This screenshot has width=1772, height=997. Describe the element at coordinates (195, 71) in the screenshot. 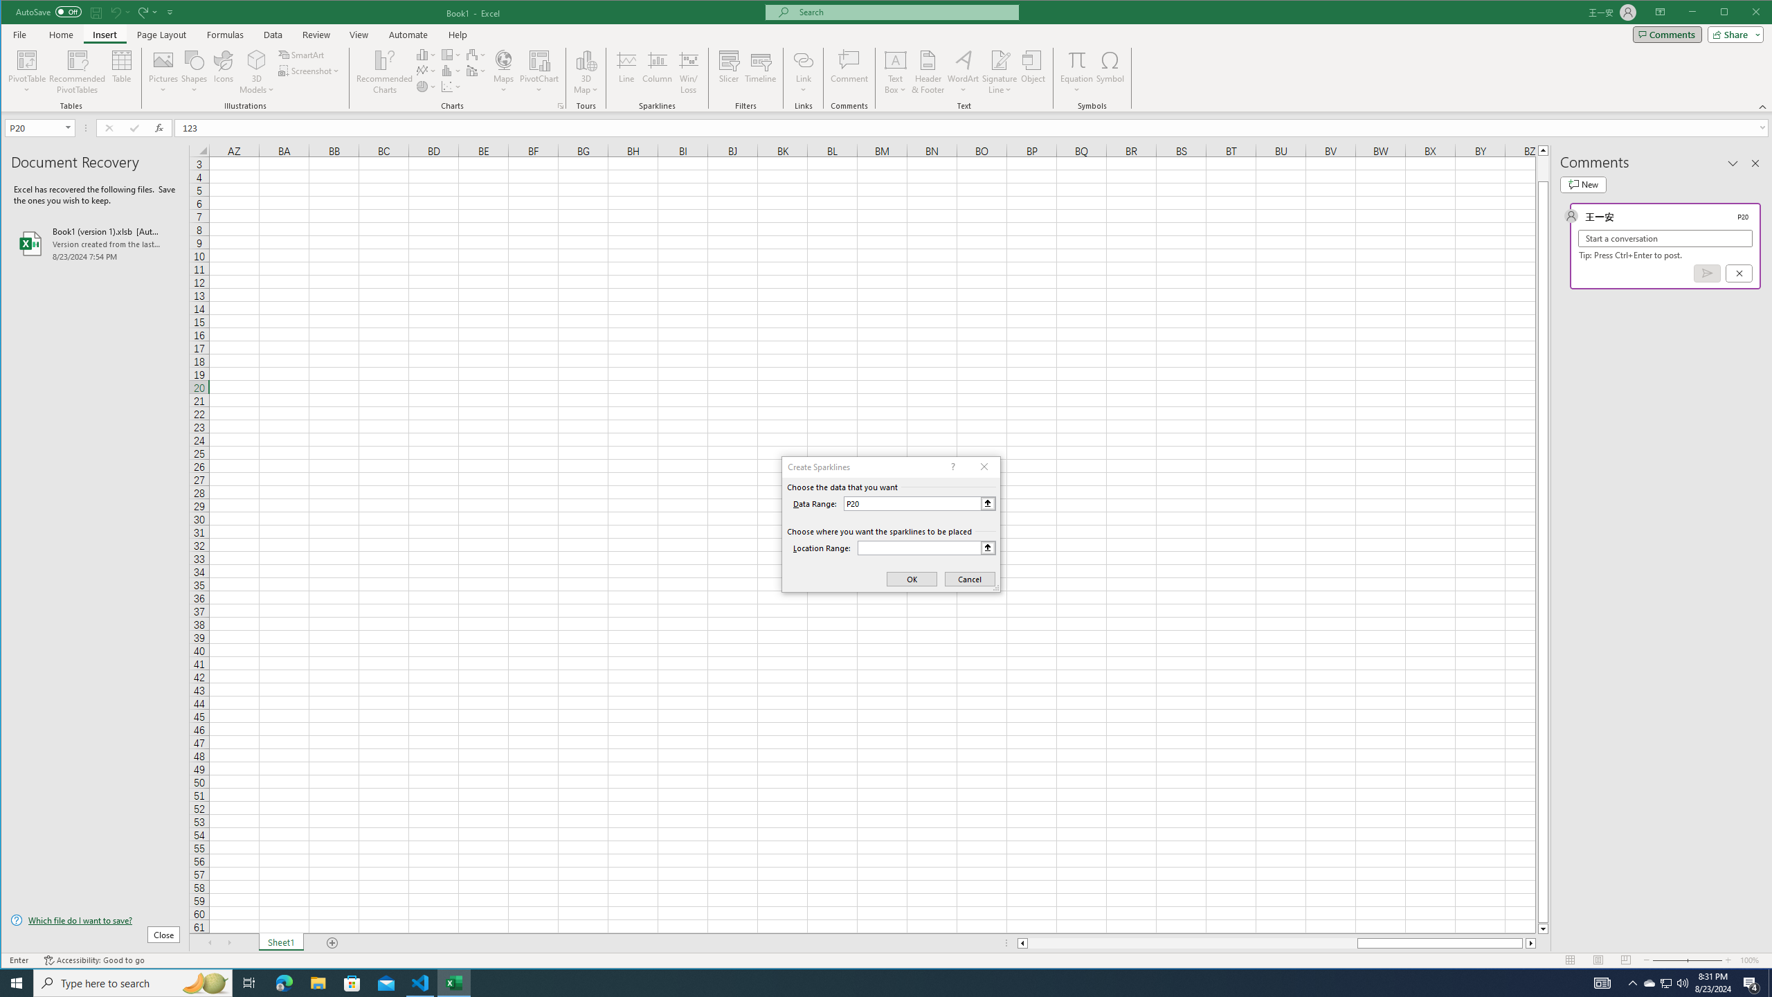

I see `'Shapes'` at that location.